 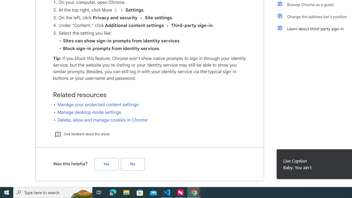 What do you see at coordinates (103, 120) in the screenshot?
I see `'Delete, allow and manage cookies in Chrome'` at bounding box center [103, 120].